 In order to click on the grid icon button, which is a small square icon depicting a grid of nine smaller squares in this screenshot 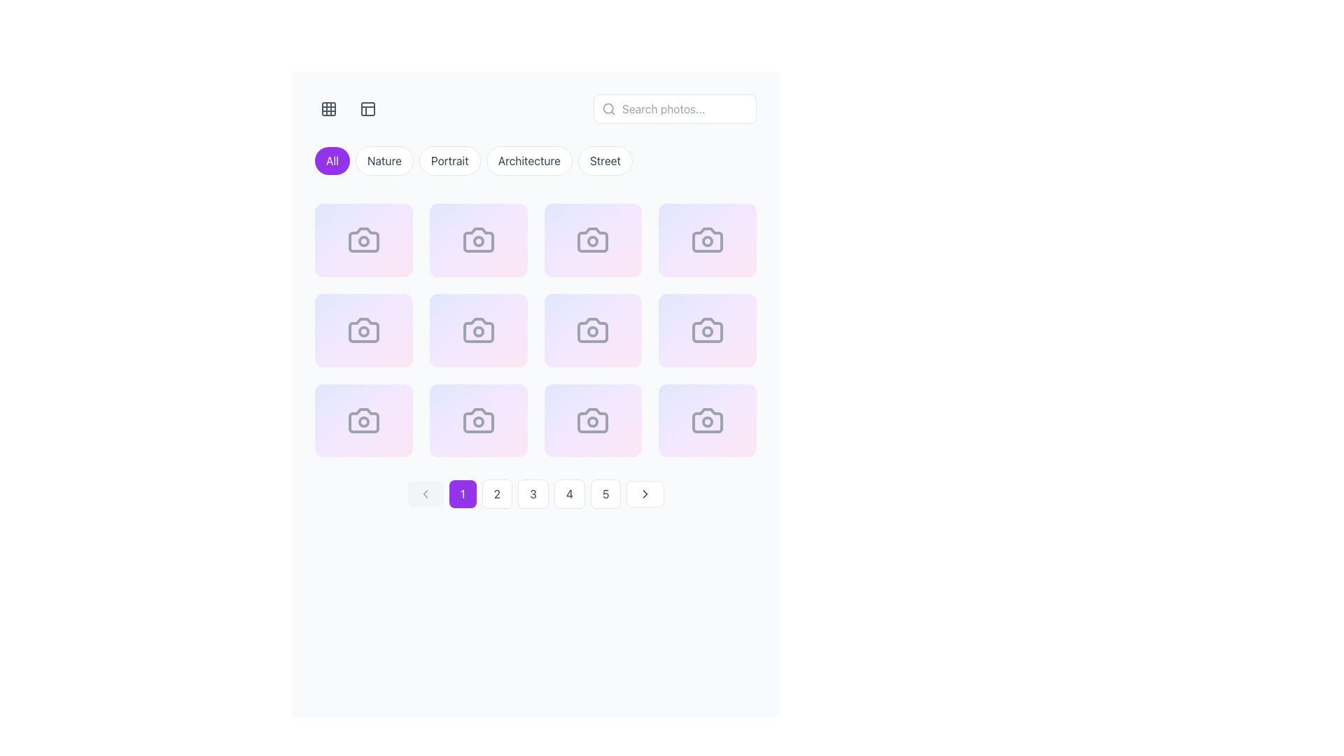, I will do `click(328, 108)`.